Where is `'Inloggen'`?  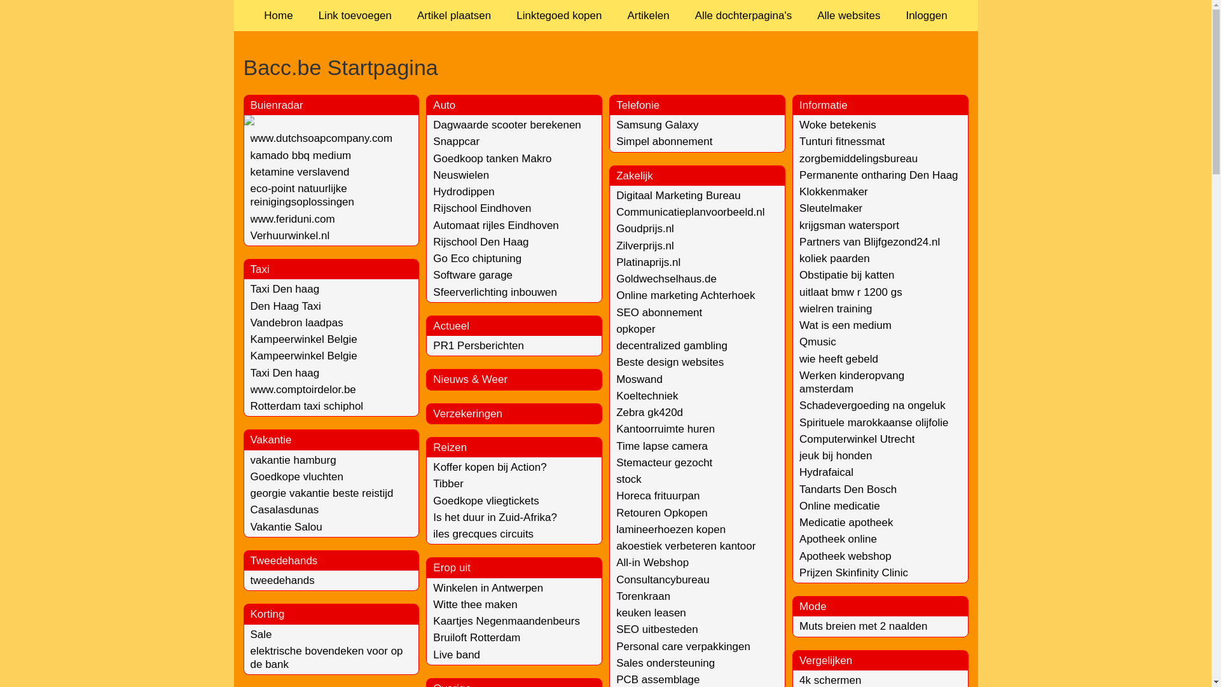 'Inloggen' is located at coordinates (926, 15).